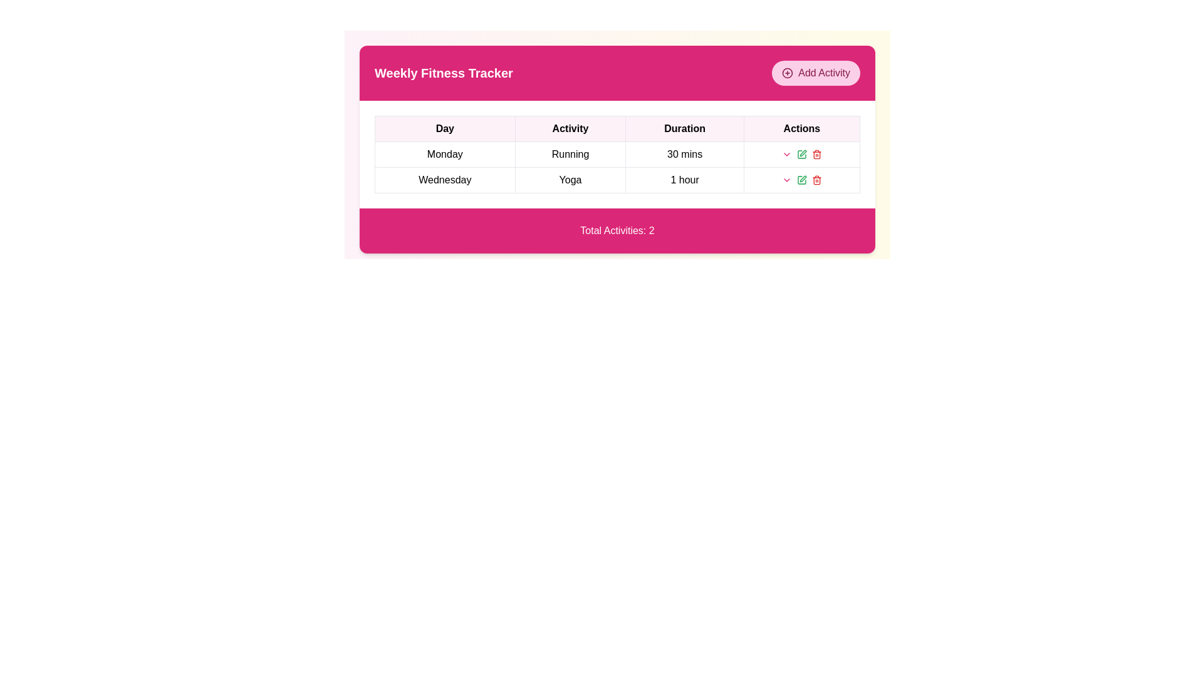 The image size is (1203, 676). Describe the element at coordinates (444, 73) in the screenshot. I see `the bold header text 'Weekly Fitness Tracker' located in the upper-left region of the pink banner section` at that location.